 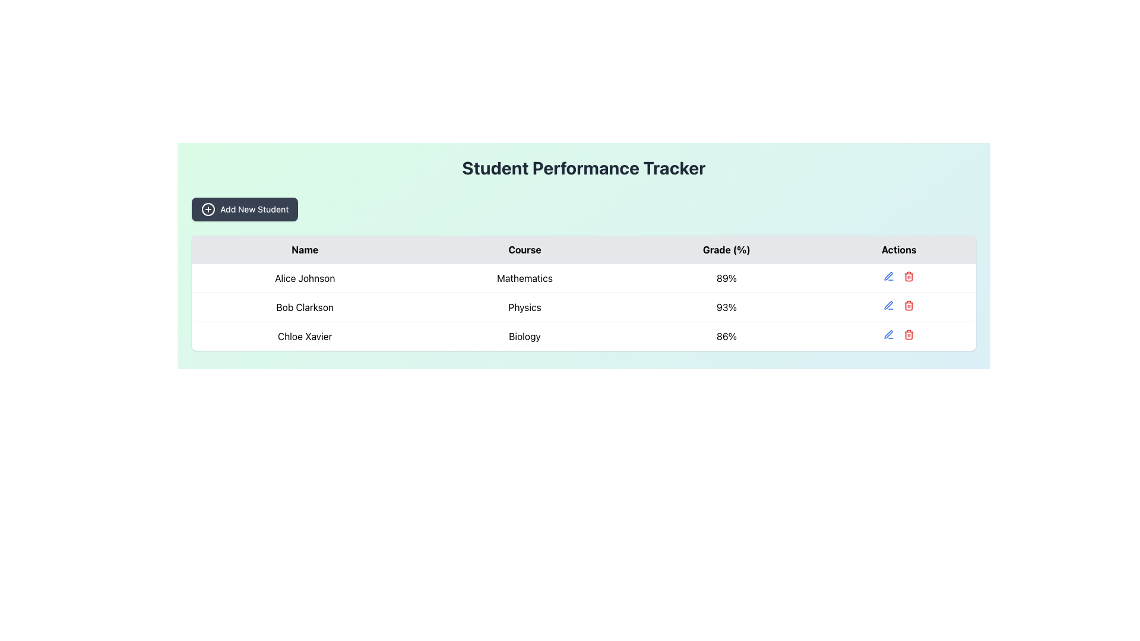 What do you see at coordinates (305, 249) in the screenshot?
I see `the 'Name' column header cell in the table by moving the mouse to its center point` at bounding box center [305, 249].